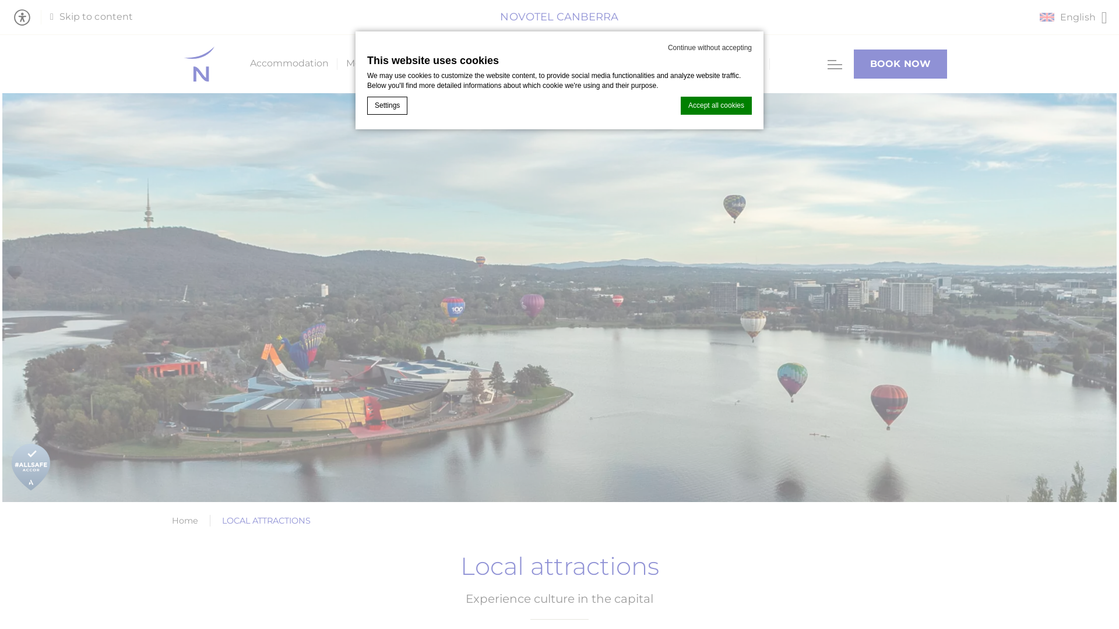 The width and height of the screenshot is (1119, 629). I want to click on 'BOOK NOW', so click(900, 64).